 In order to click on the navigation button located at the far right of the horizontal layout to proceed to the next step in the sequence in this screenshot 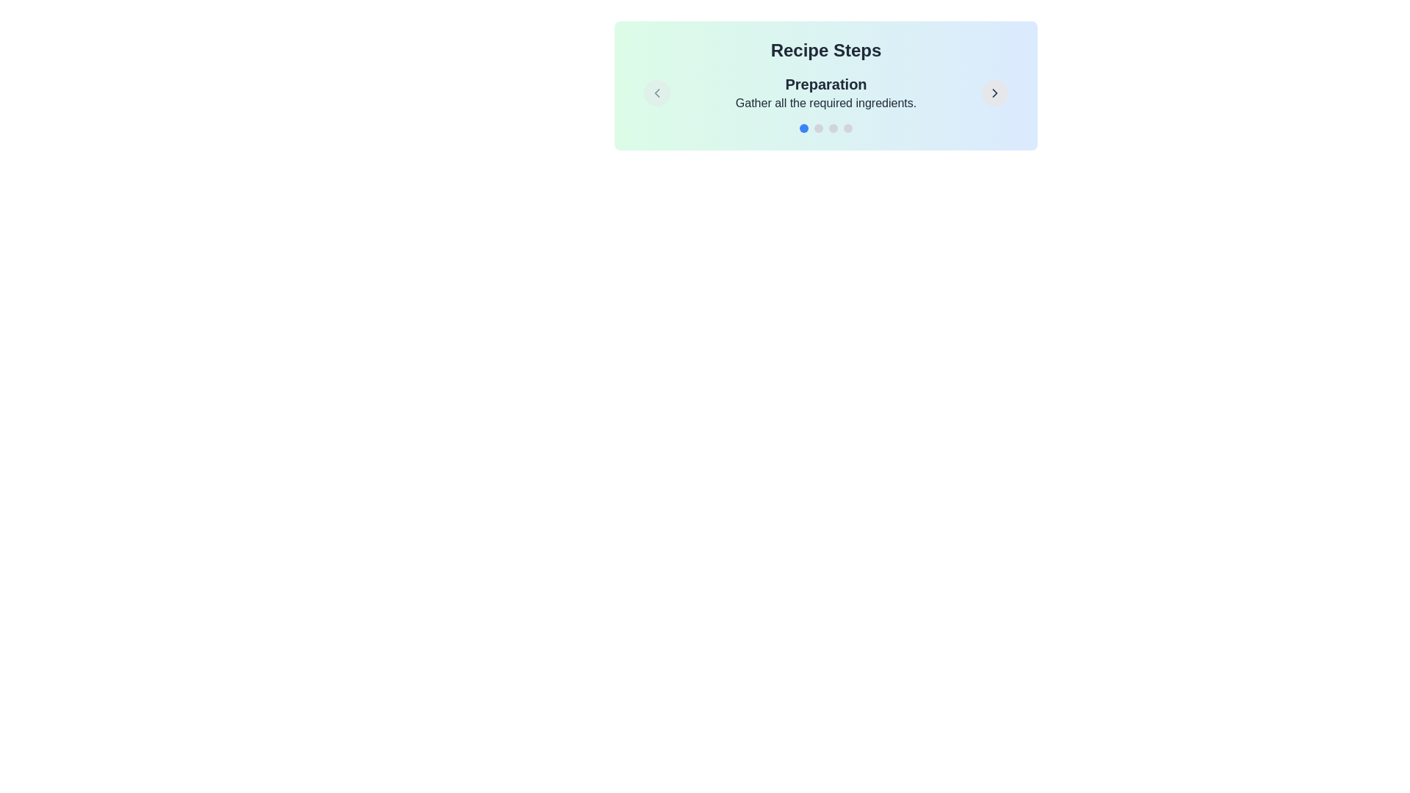, I will do `click(994, 93)`.